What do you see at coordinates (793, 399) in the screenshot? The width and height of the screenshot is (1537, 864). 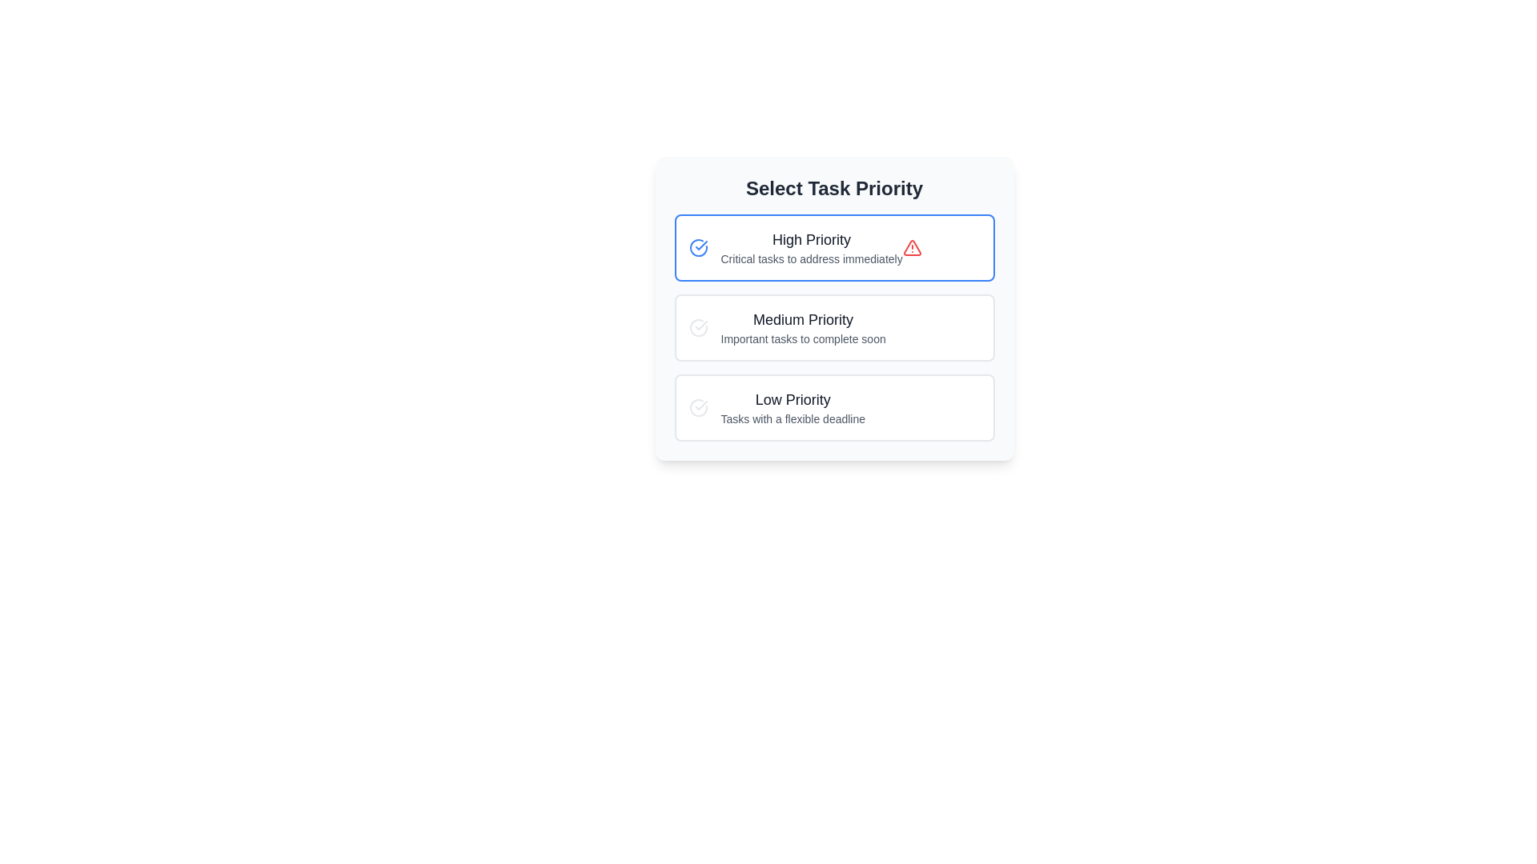 I see `the text label displaying 'Low Priority', which is styled prominently with a larger bold font and dark gray color, serving as the header above the descriptive text 'Tasks with a flexible deadline'` at bounding box center [793, 399].